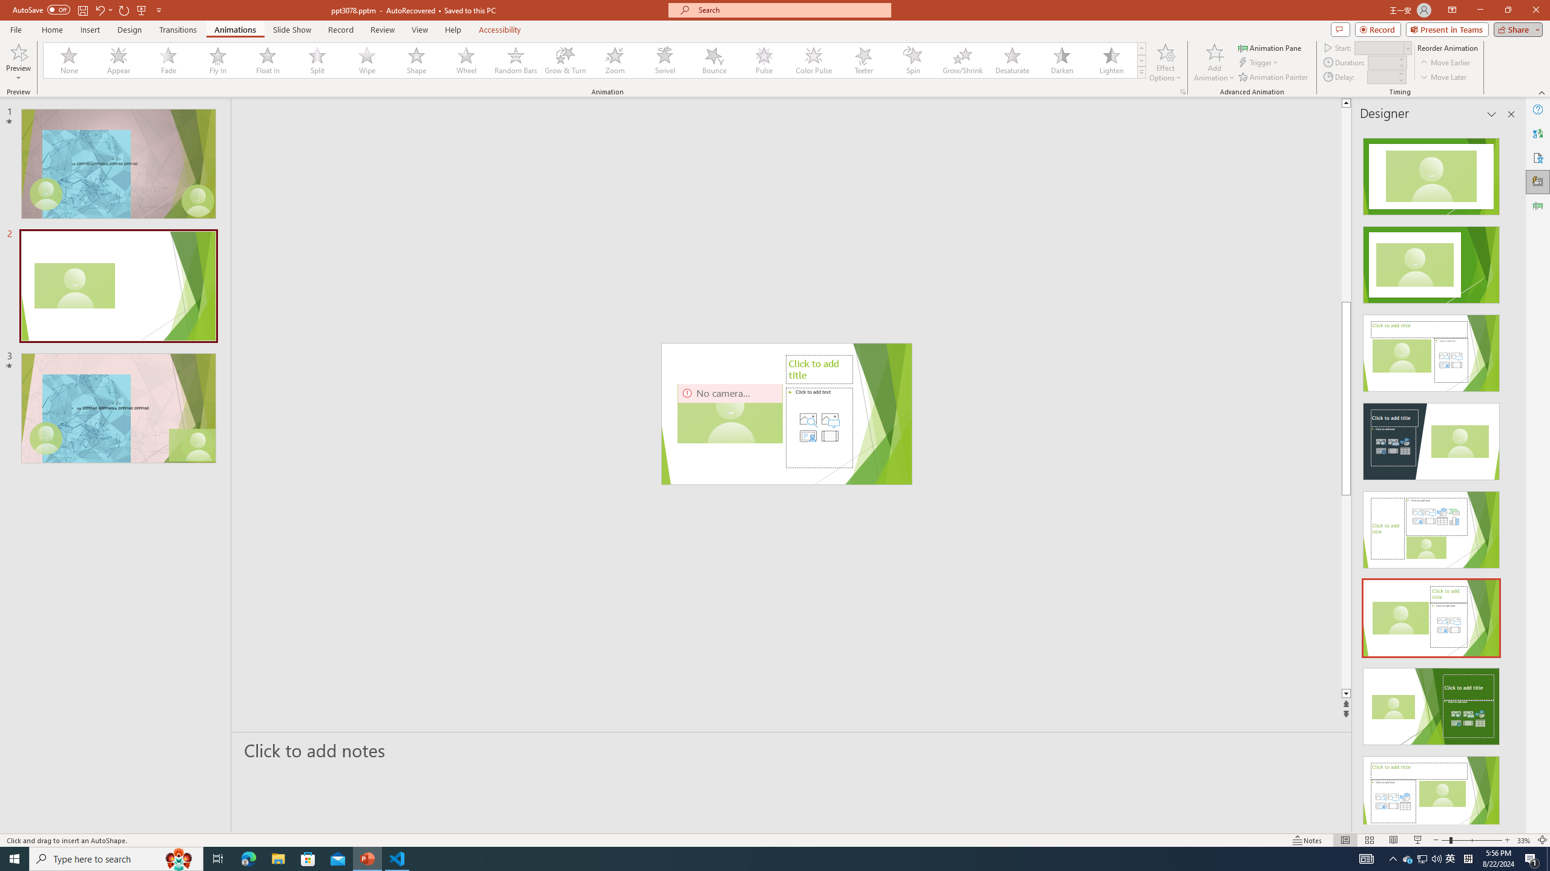 This screenshot has height=871, width=1550. Describe the element at coordinates (808, 435) in the screenshot. I see `'Insert Cameo'` at that location.